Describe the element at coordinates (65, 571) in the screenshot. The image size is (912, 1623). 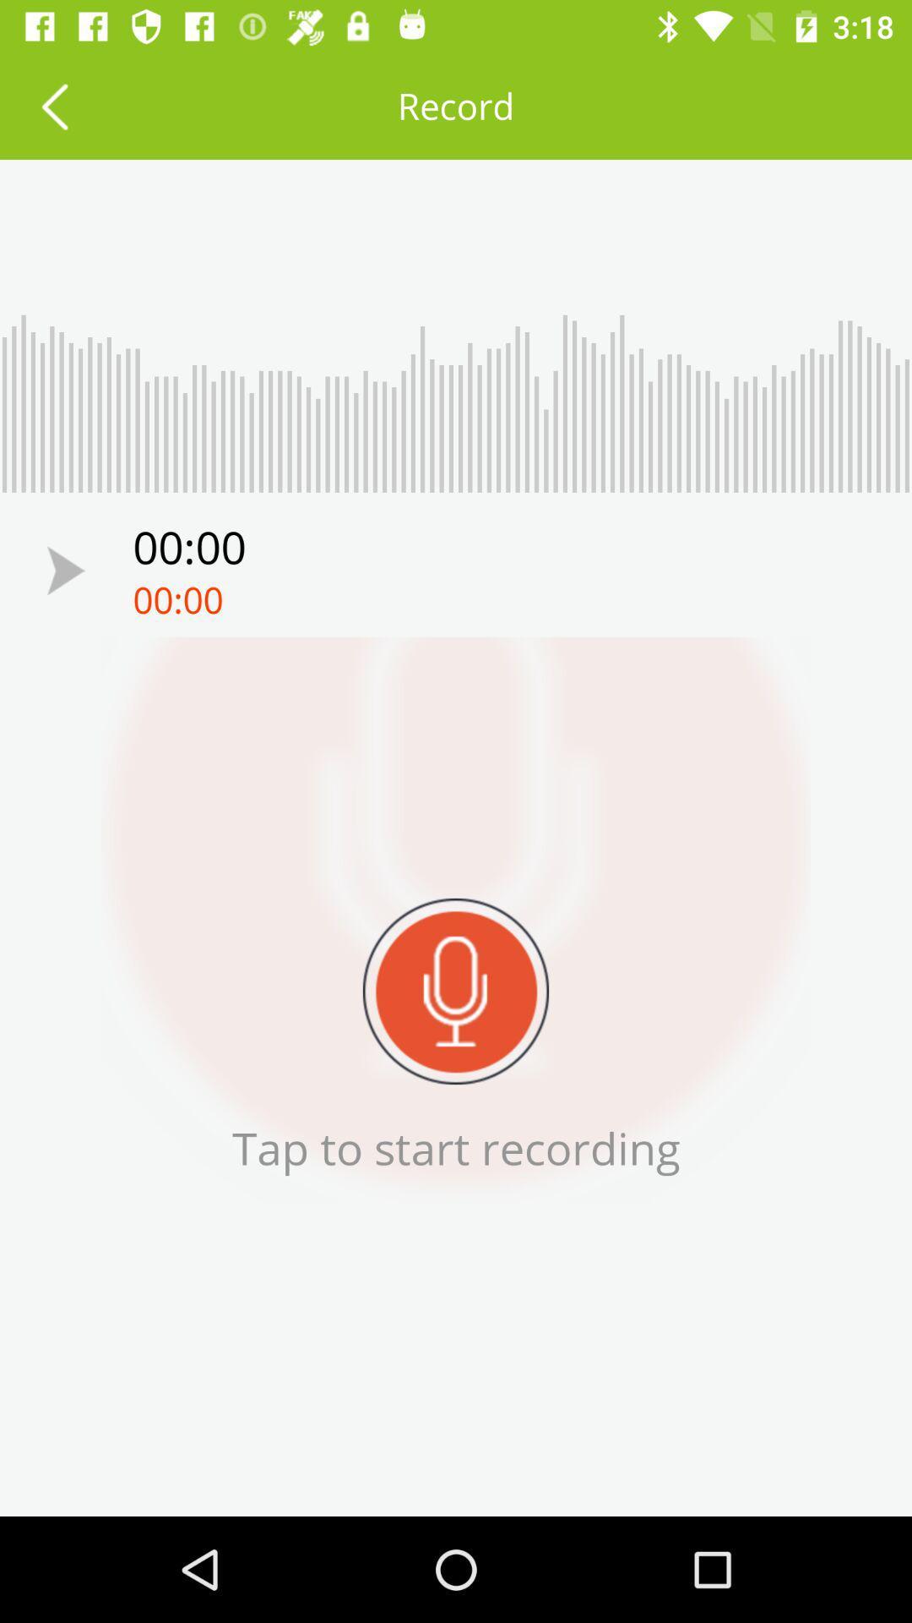
I see `icon to the left of 00:00 item` at that location.